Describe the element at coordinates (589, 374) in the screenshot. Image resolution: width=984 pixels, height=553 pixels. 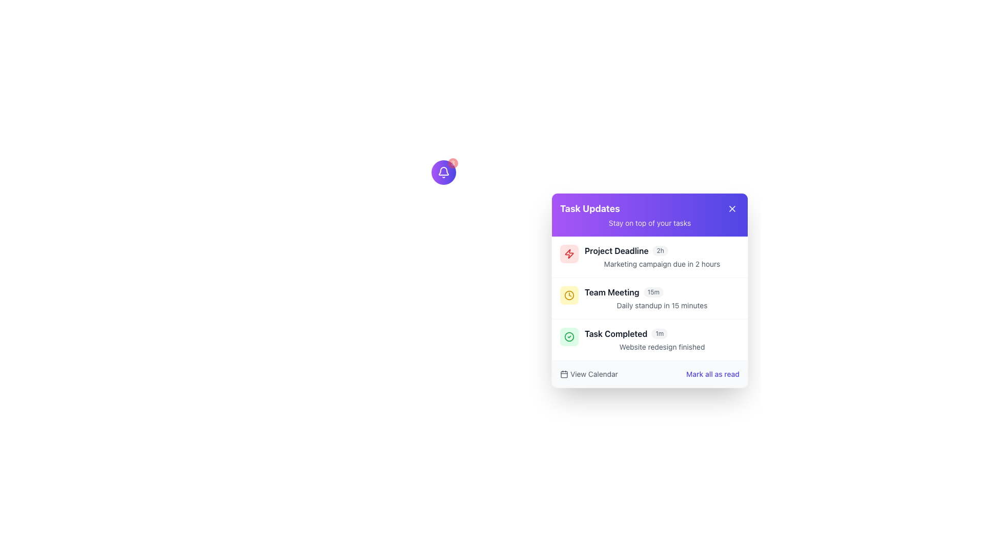
I see `the 'View Calendar' button with icon and text` at that location.